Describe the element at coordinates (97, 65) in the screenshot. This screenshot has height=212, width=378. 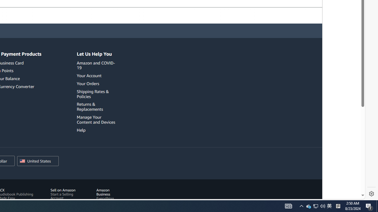
I see `'Amazon and COVID-19'` at that location.